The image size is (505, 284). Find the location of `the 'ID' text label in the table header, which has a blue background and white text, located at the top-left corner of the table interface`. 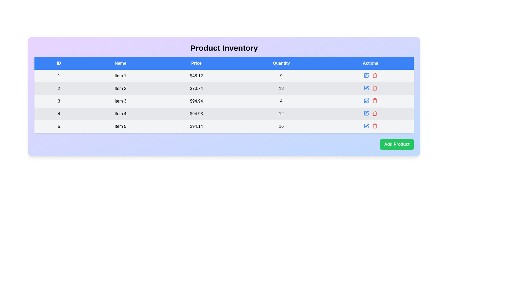

the 'ID' text label in the table header, which has a blue background and white text, located at the top-left corner of the table interface is located at coordinates (59, 63).